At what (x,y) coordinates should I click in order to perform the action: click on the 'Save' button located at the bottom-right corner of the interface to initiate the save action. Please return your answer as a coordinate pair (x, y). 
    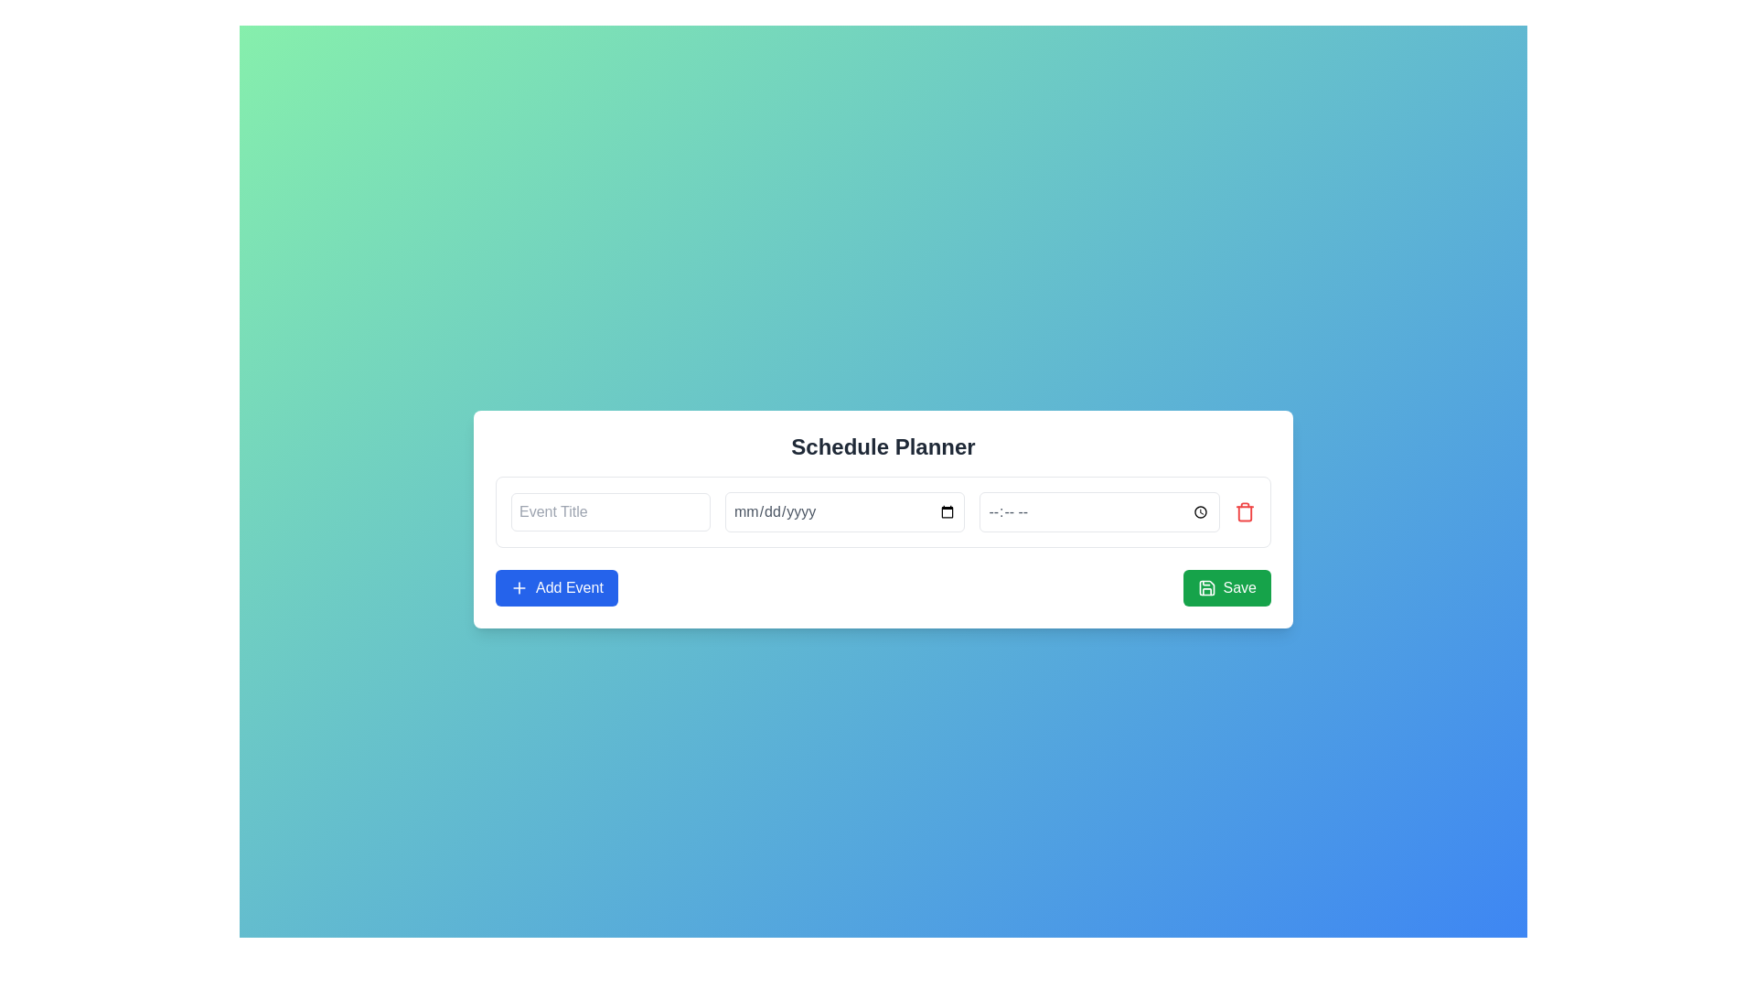
    Looking at the image, I should click on (1226, 588).